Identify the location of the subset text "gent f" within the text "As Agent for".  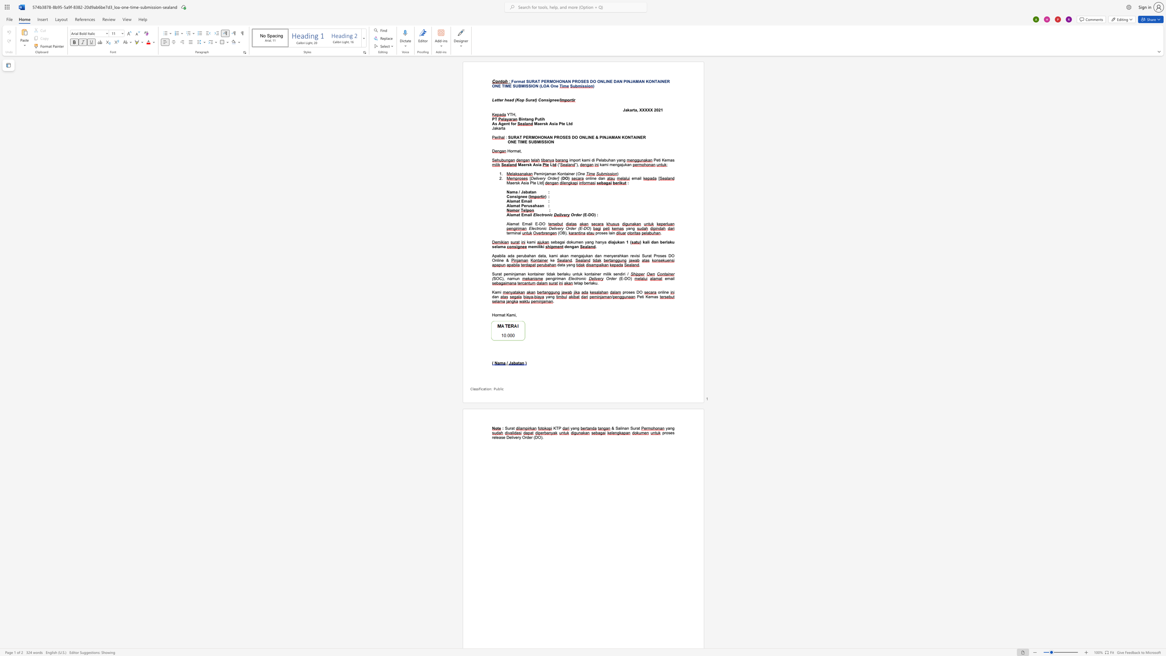
(501, 123).